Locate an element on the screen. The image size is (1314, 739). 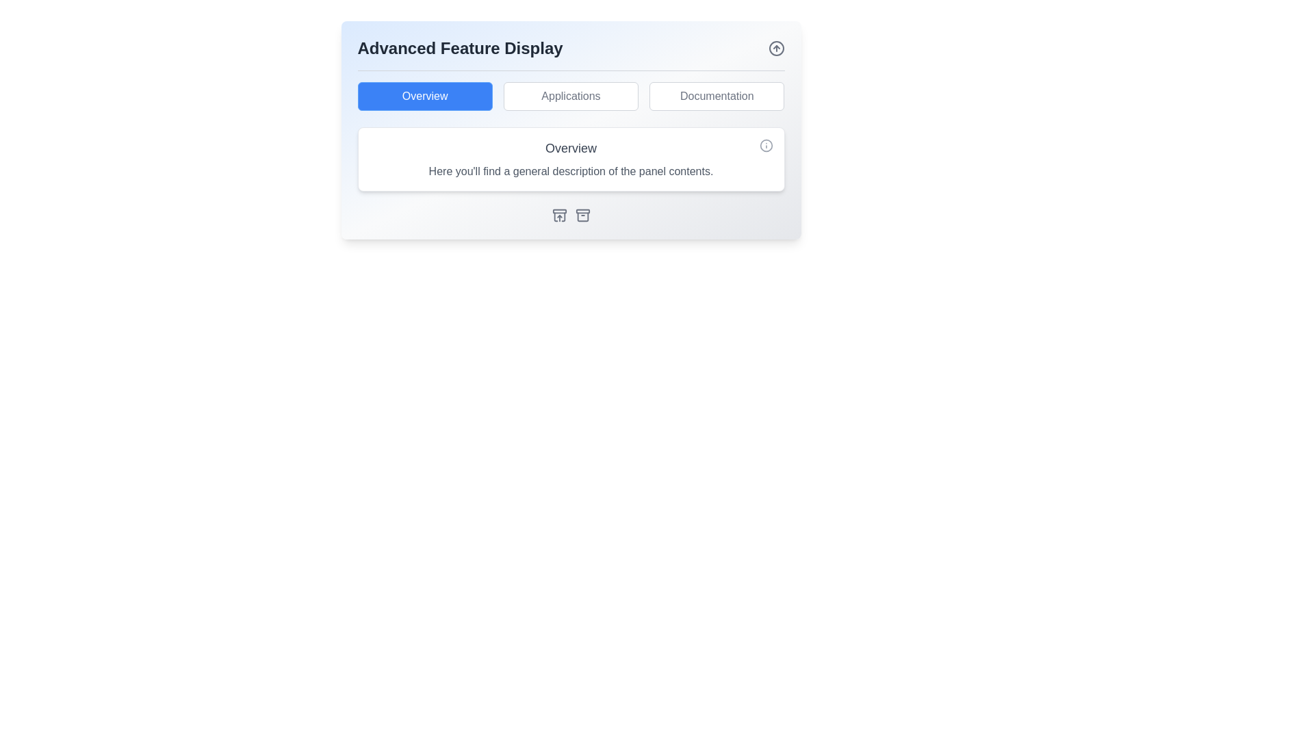
'Advanced Feature Display' text element that is styled in bold and large font, located at the top of the interface is located at coordinates (460, 47).